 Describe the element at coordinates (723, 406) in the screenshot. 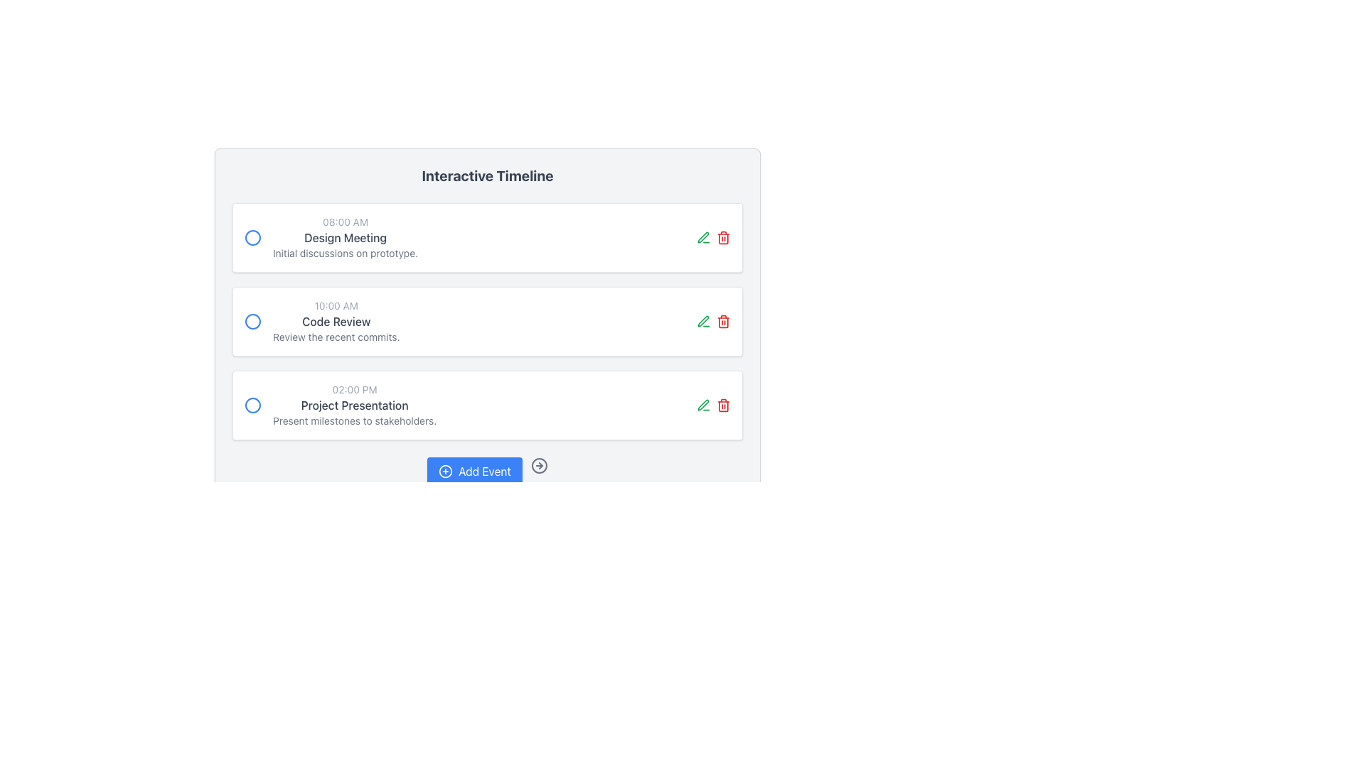

I see `the trash can icon represented by a rounded rectangle with smooth strokes, located on the right side of the task list item labeled 'Code Review'` at that location.